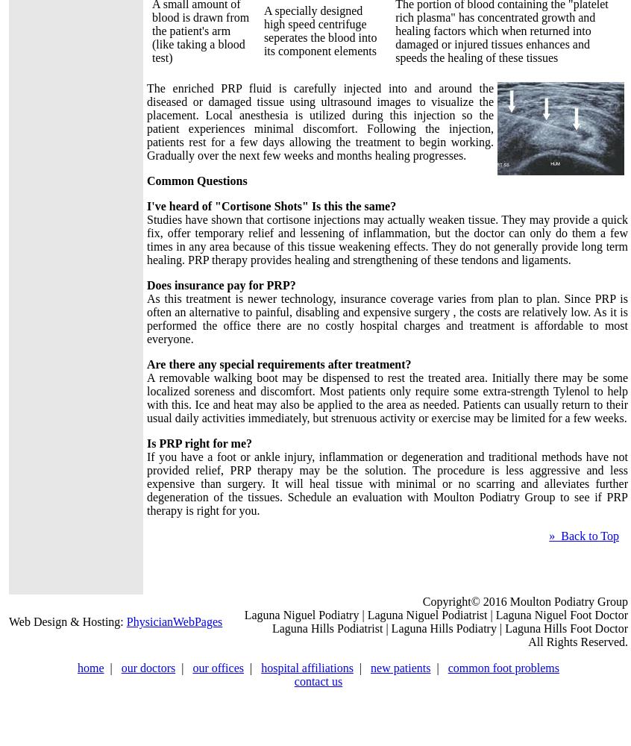 The image size is (631, 746). What do you see at coordinates (174, 621) in the screenshot?
I see `'PhysicianWebPages'` at bounding box center [174, 621].